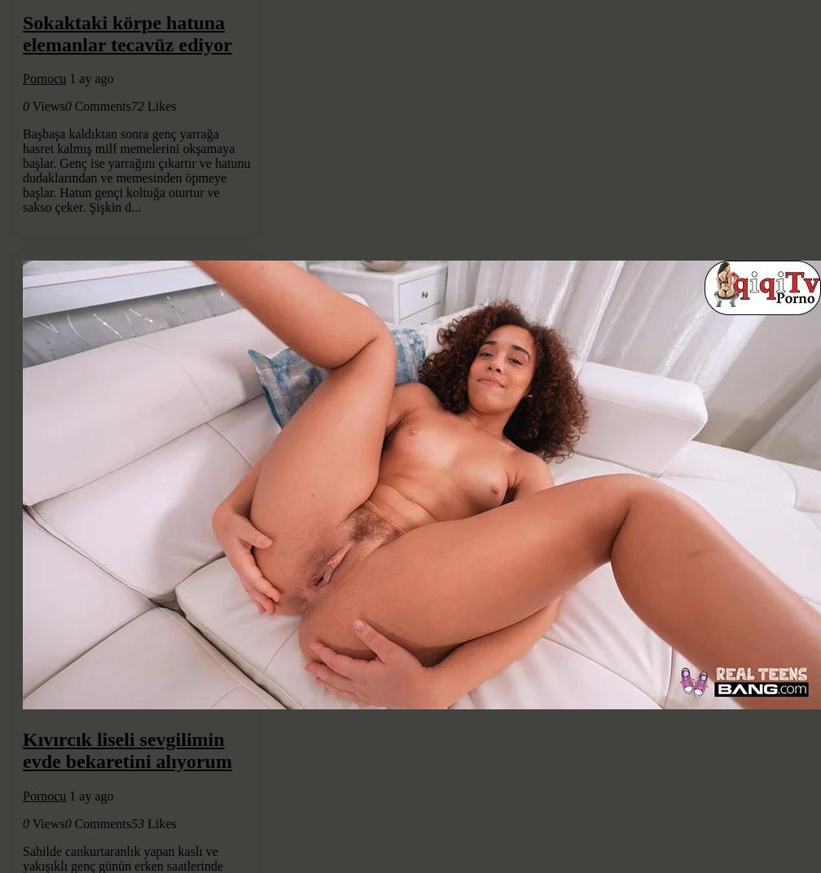 The width and height of the screenshot is (821, 873). I want to click on '72', so click(137, 106).